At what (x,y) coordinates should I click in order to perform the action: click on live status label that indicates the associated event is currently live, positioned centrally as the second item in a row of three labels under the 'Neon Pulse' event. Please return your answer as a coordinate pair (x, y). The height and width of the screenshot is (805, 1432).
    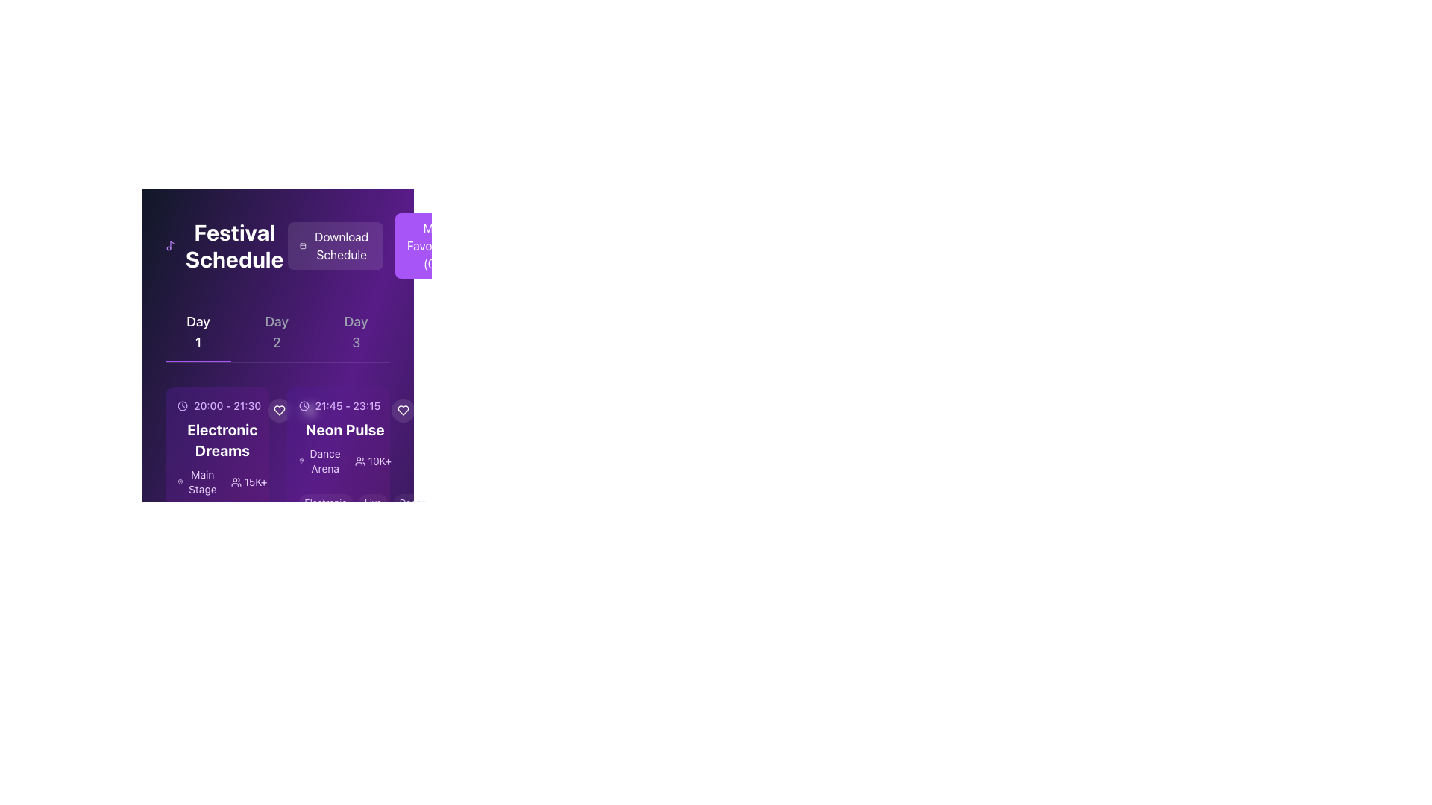
    Looking at the image, I should click on (373, 503).